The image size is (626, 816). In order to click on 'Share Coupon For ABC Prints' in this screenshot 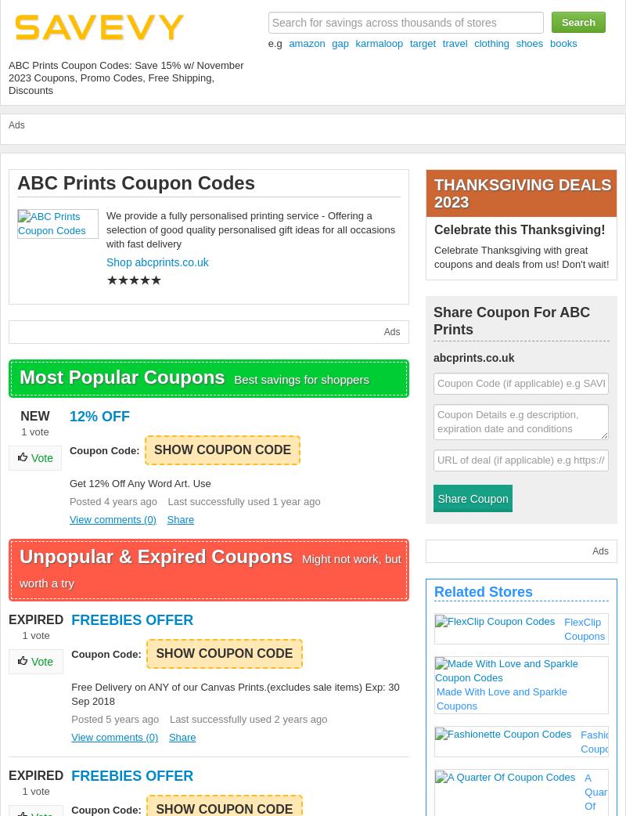, I will do `click(510, 320)`.